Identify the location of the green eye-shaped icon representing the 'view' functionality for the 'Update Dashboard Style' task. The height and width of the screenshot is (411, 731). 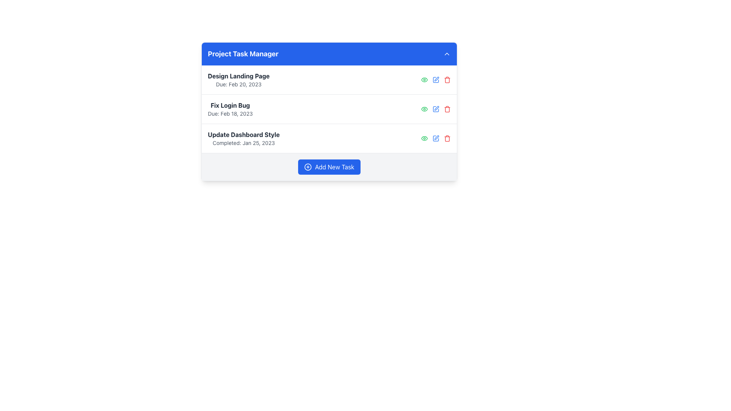
(424, 109).